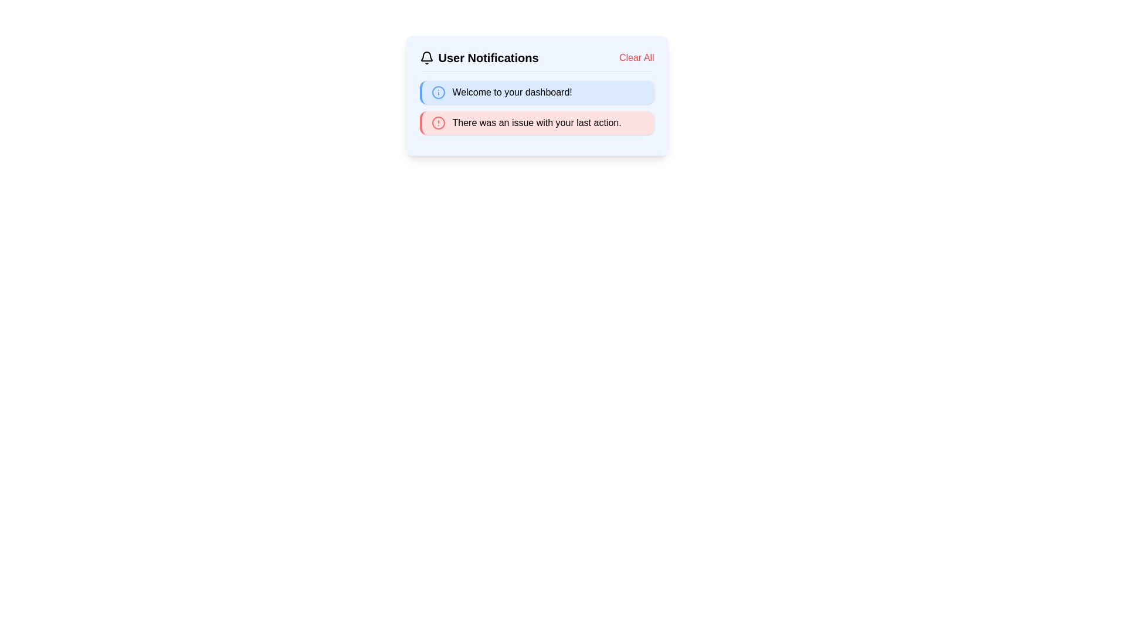 Image resolution: width=1126 pixels, height=633 pixels. I want to click on the circular SVG icon element indicating an error notification, located in the 'User Notifications' modal next to the text 'There was an issue with your last action.', so click(437, 122).